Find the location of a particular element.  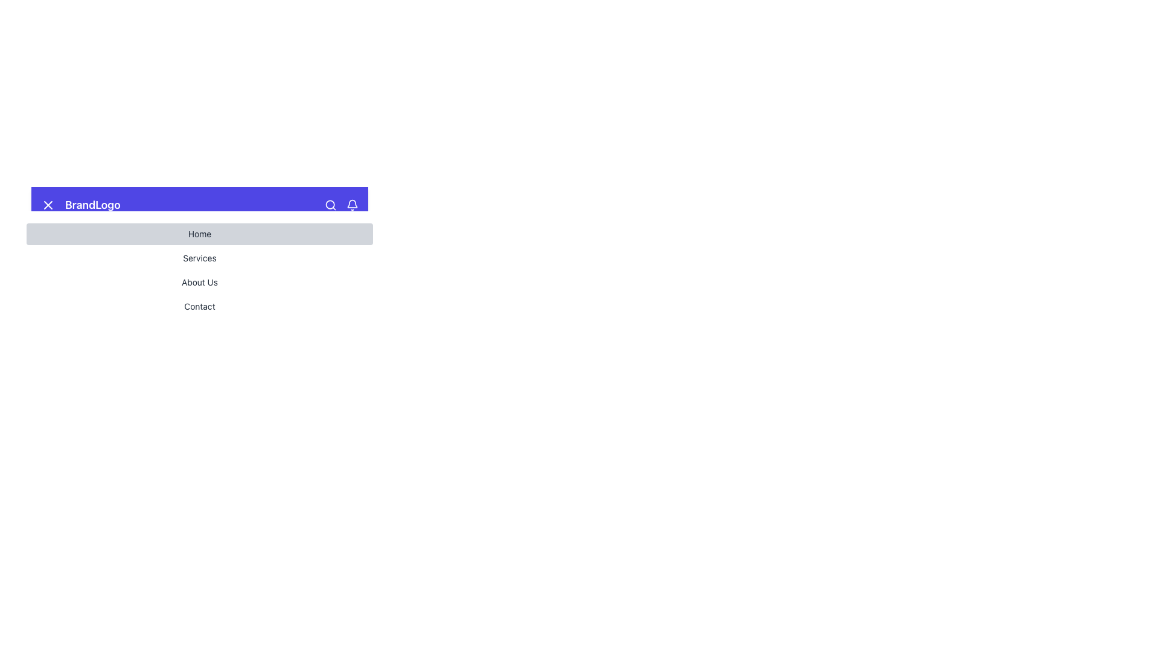

the magnifying glass icon located in the top-right corner of the navigation bar is located at coordinates (341, 204).